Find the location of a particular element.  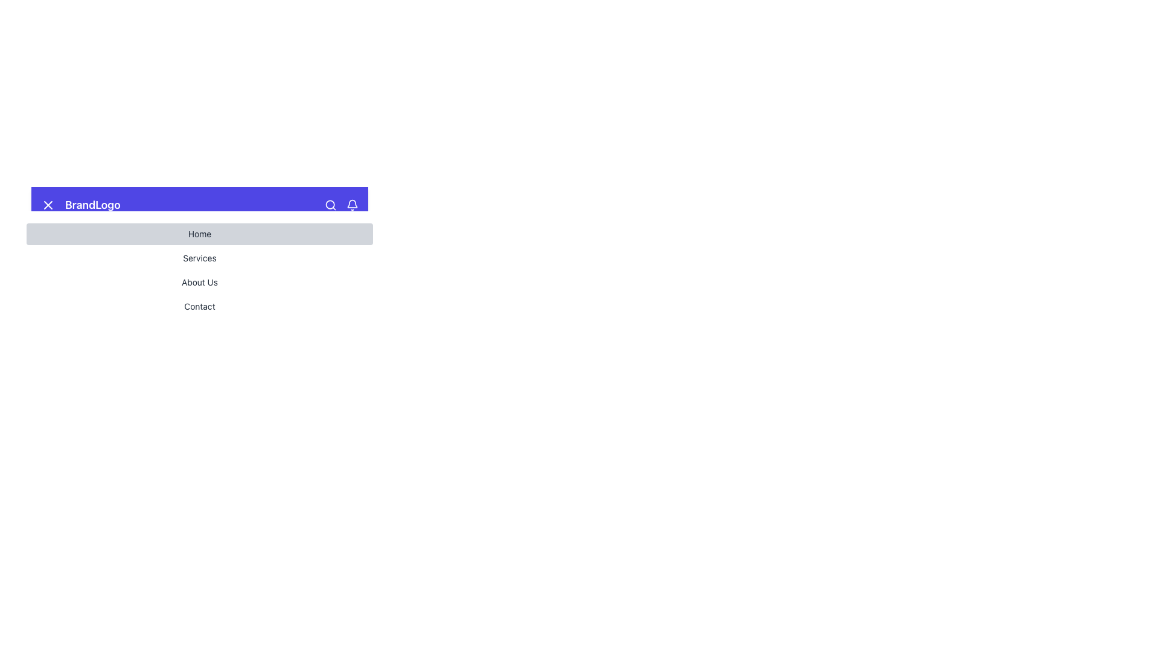

the magnifying glass icon located in the top-right corner of the navigation bar is located at coordinates (341, 204).